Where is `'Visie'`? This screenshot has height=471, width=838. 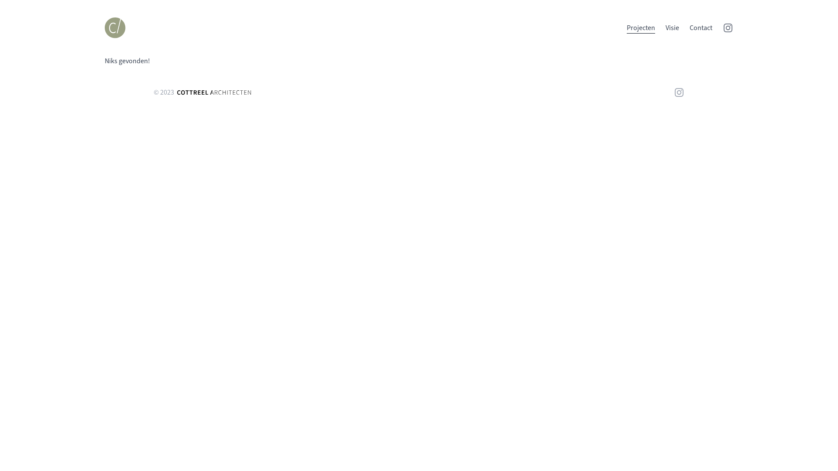 'Visie' is located at coordinates (672, 27).